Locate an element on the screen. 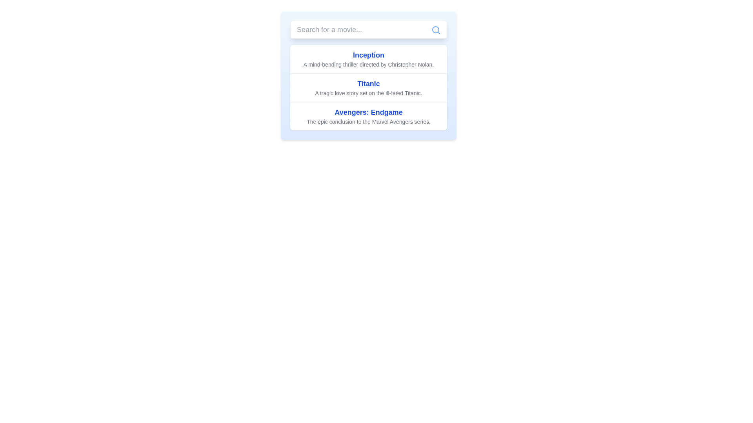  the text label containing the description 'A mind-bending thriller directed by Christopher Nolan.' which is centered beneath the title 'Inception.' is located at coordinates (368, 64).